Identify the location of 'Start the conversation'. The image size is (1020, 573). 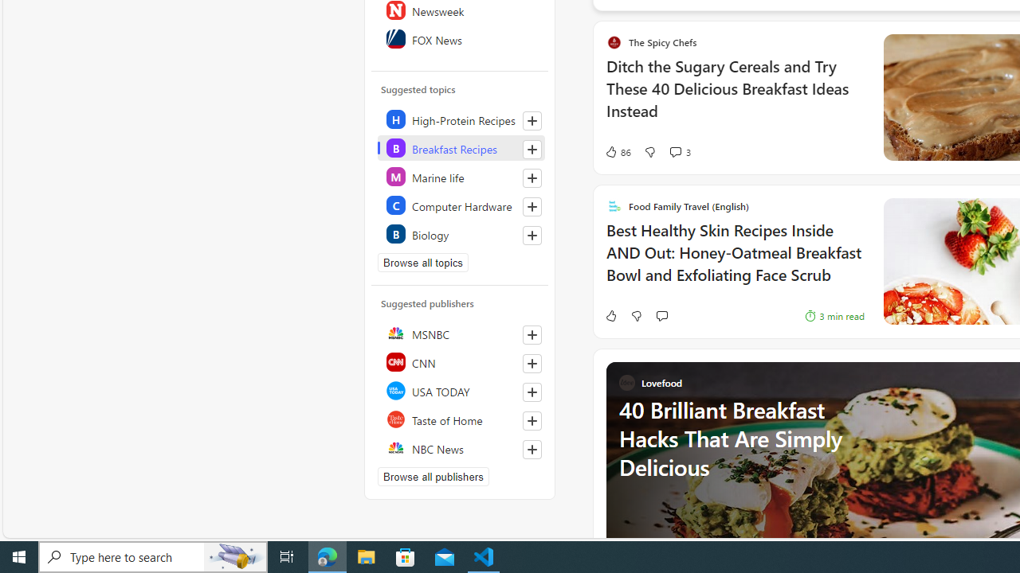
(661, 316).